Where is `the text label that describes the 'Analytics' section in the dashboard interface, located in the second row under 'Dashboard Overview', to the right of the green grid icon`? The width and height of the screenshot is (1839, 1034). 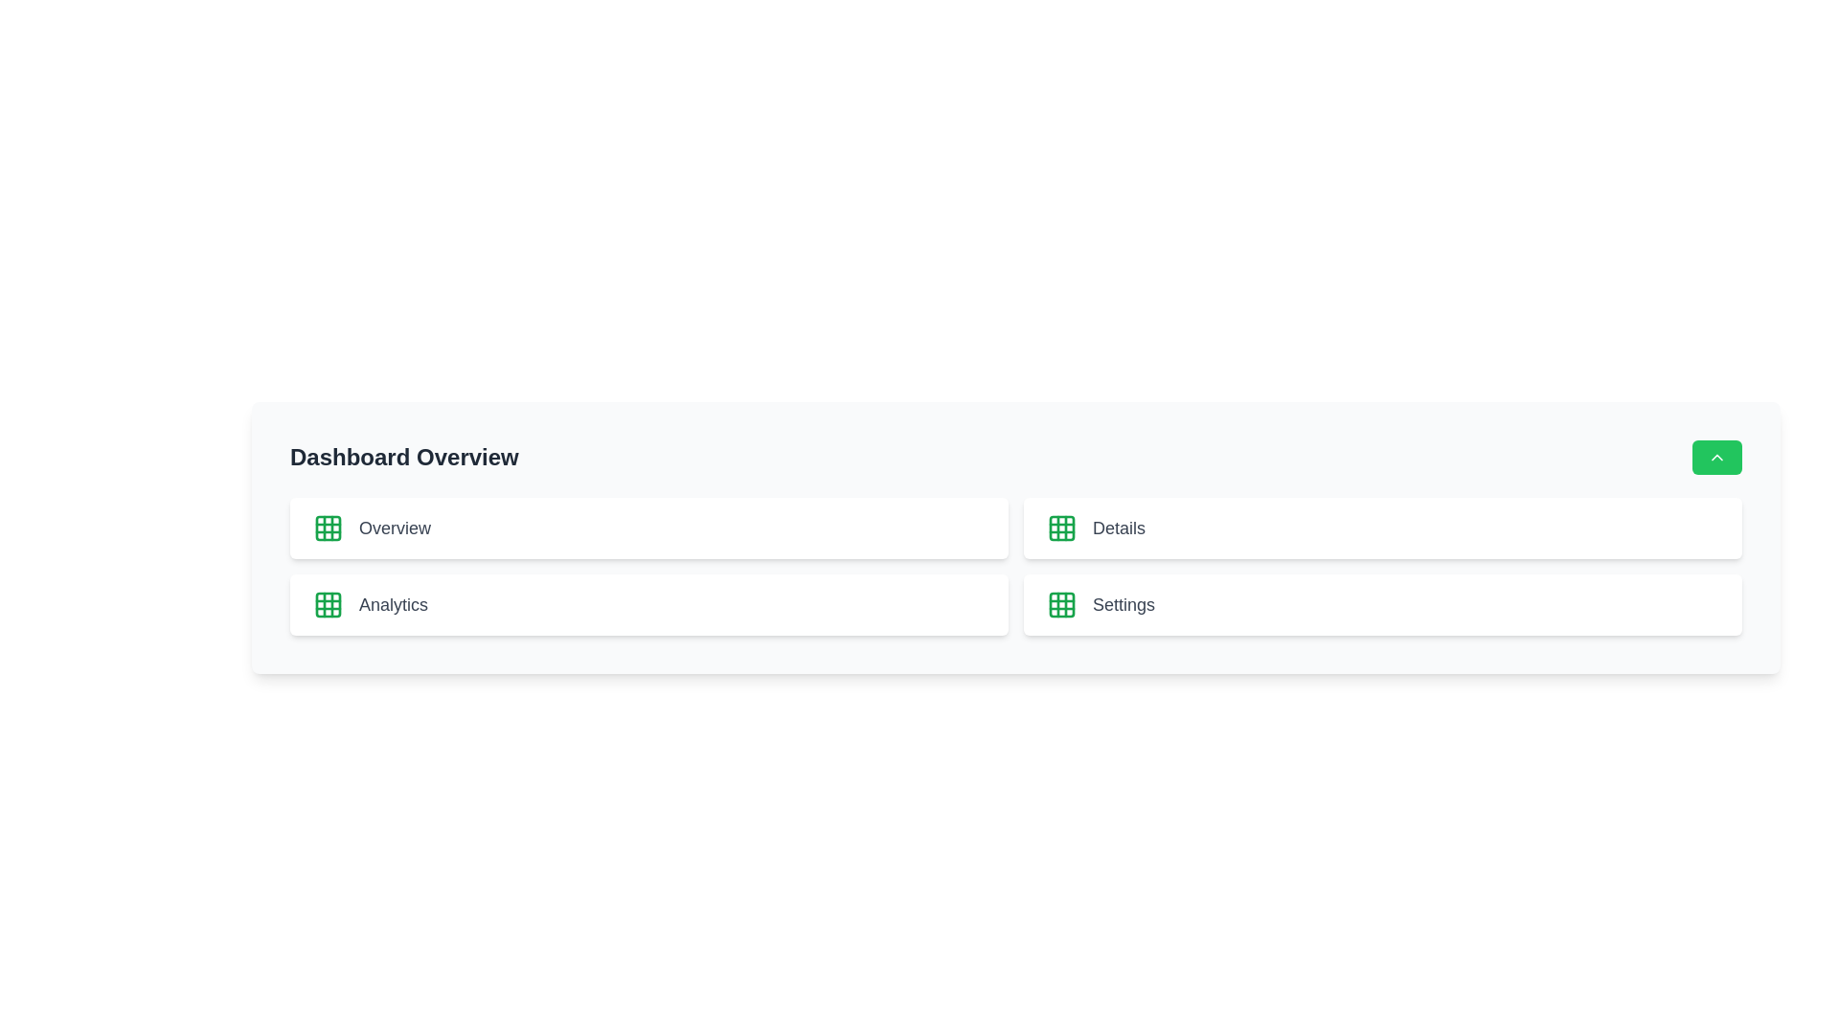
the text label that describes the 'Analytics' section in the dashboard interface, located in the second row under 'Dashboard Overview', to the right of the green grid icon is located at coordinates (393, 605).